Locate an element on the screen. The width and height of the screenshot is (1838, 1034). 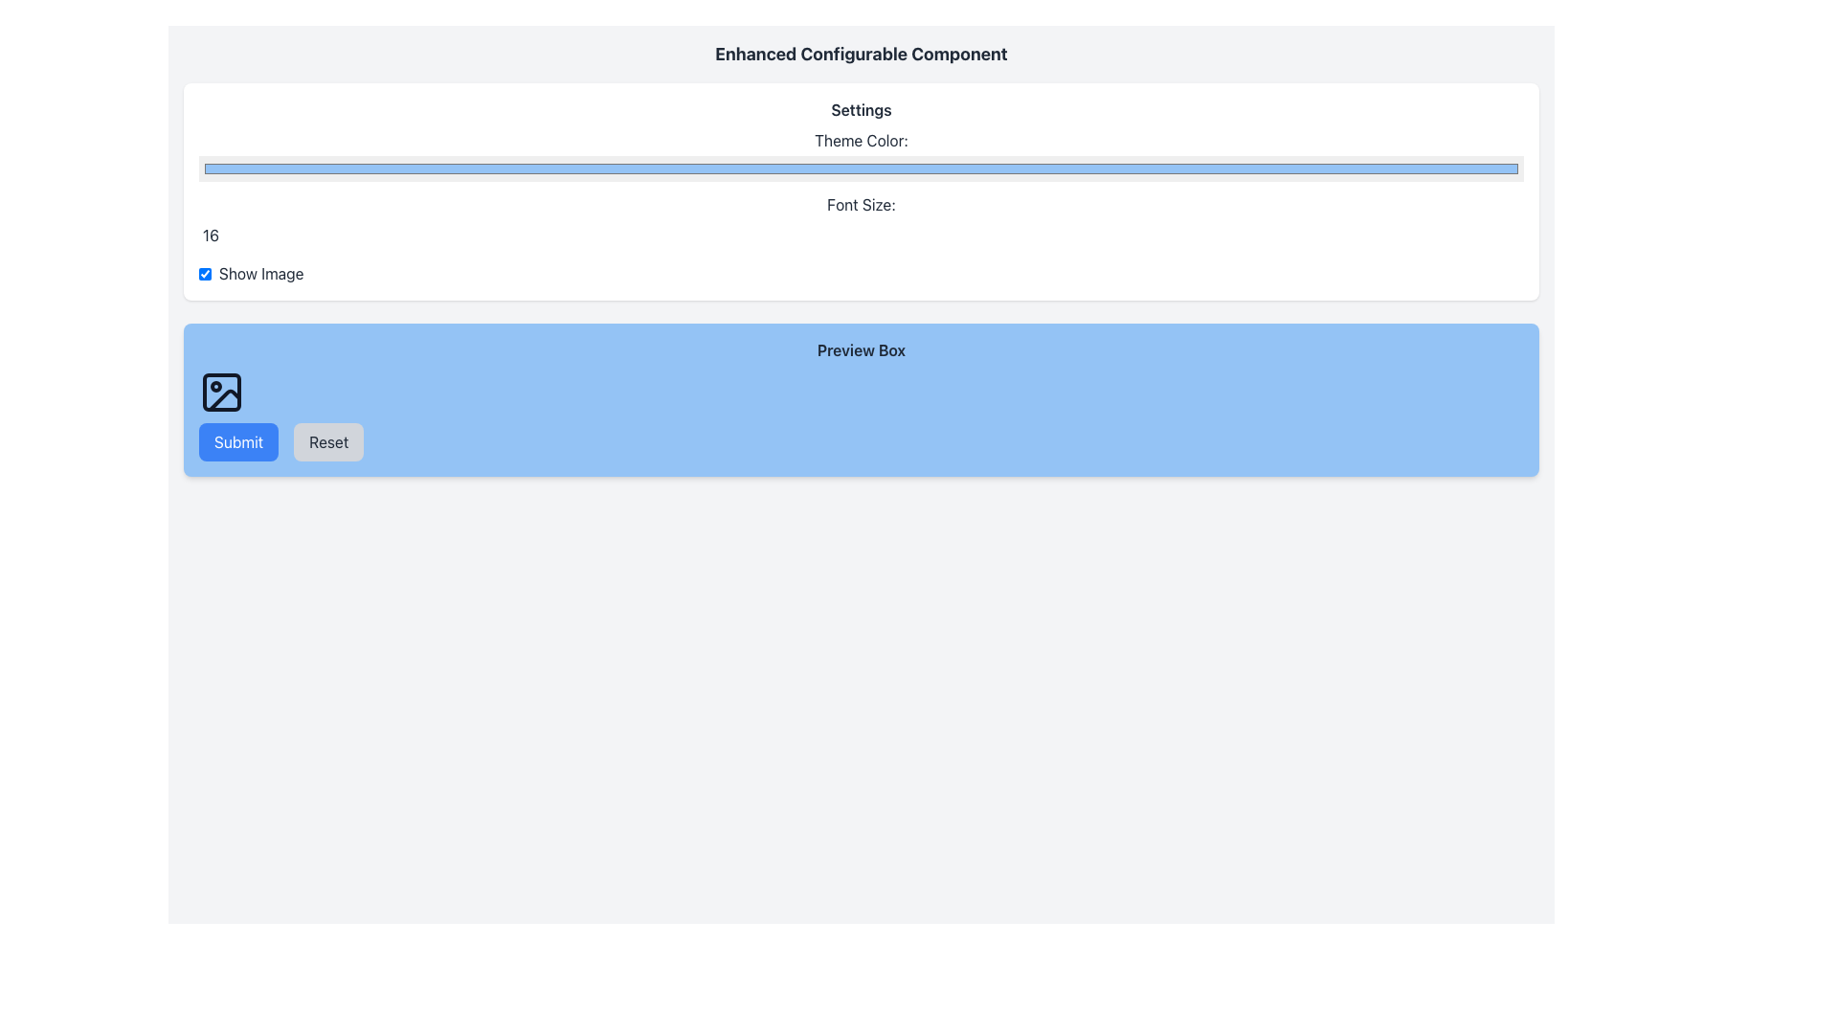
the 'Submit' button, which is a rectangular button with white text on a blue background located in the lower section of the UI, immediately to the left of the 'Reset' button is located at coordinates (237, 442).